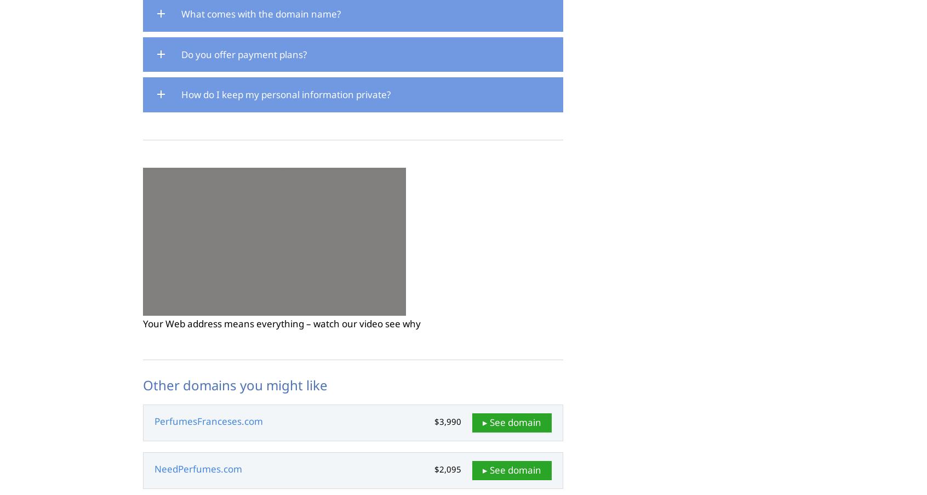  What do you see at coordinates (209, 421) in the screenshot?
I see `'PerfumesFranceses.com'` at bounding box center [209, 421].